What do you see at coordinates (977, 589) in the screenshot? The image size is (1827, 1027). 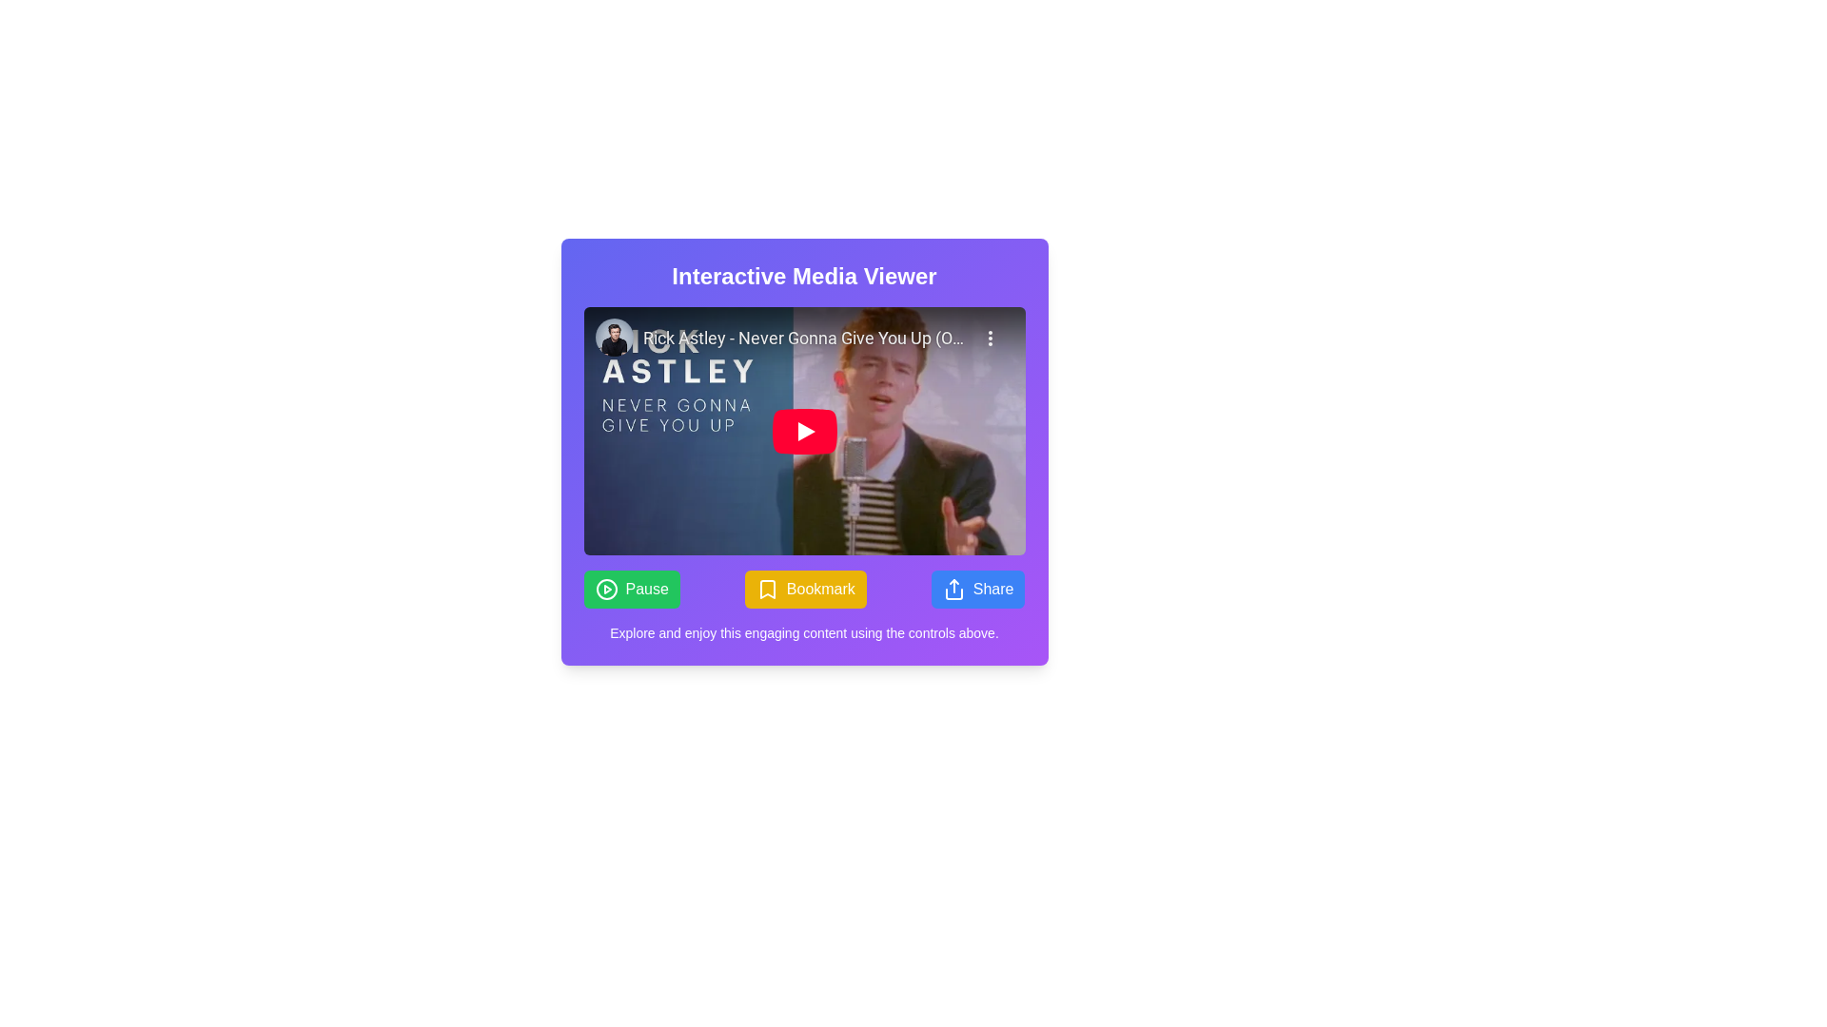 I see `the third button in the horizontal row at the bottom of the widget to initiate sharing options` at bounding box center [977, 589].